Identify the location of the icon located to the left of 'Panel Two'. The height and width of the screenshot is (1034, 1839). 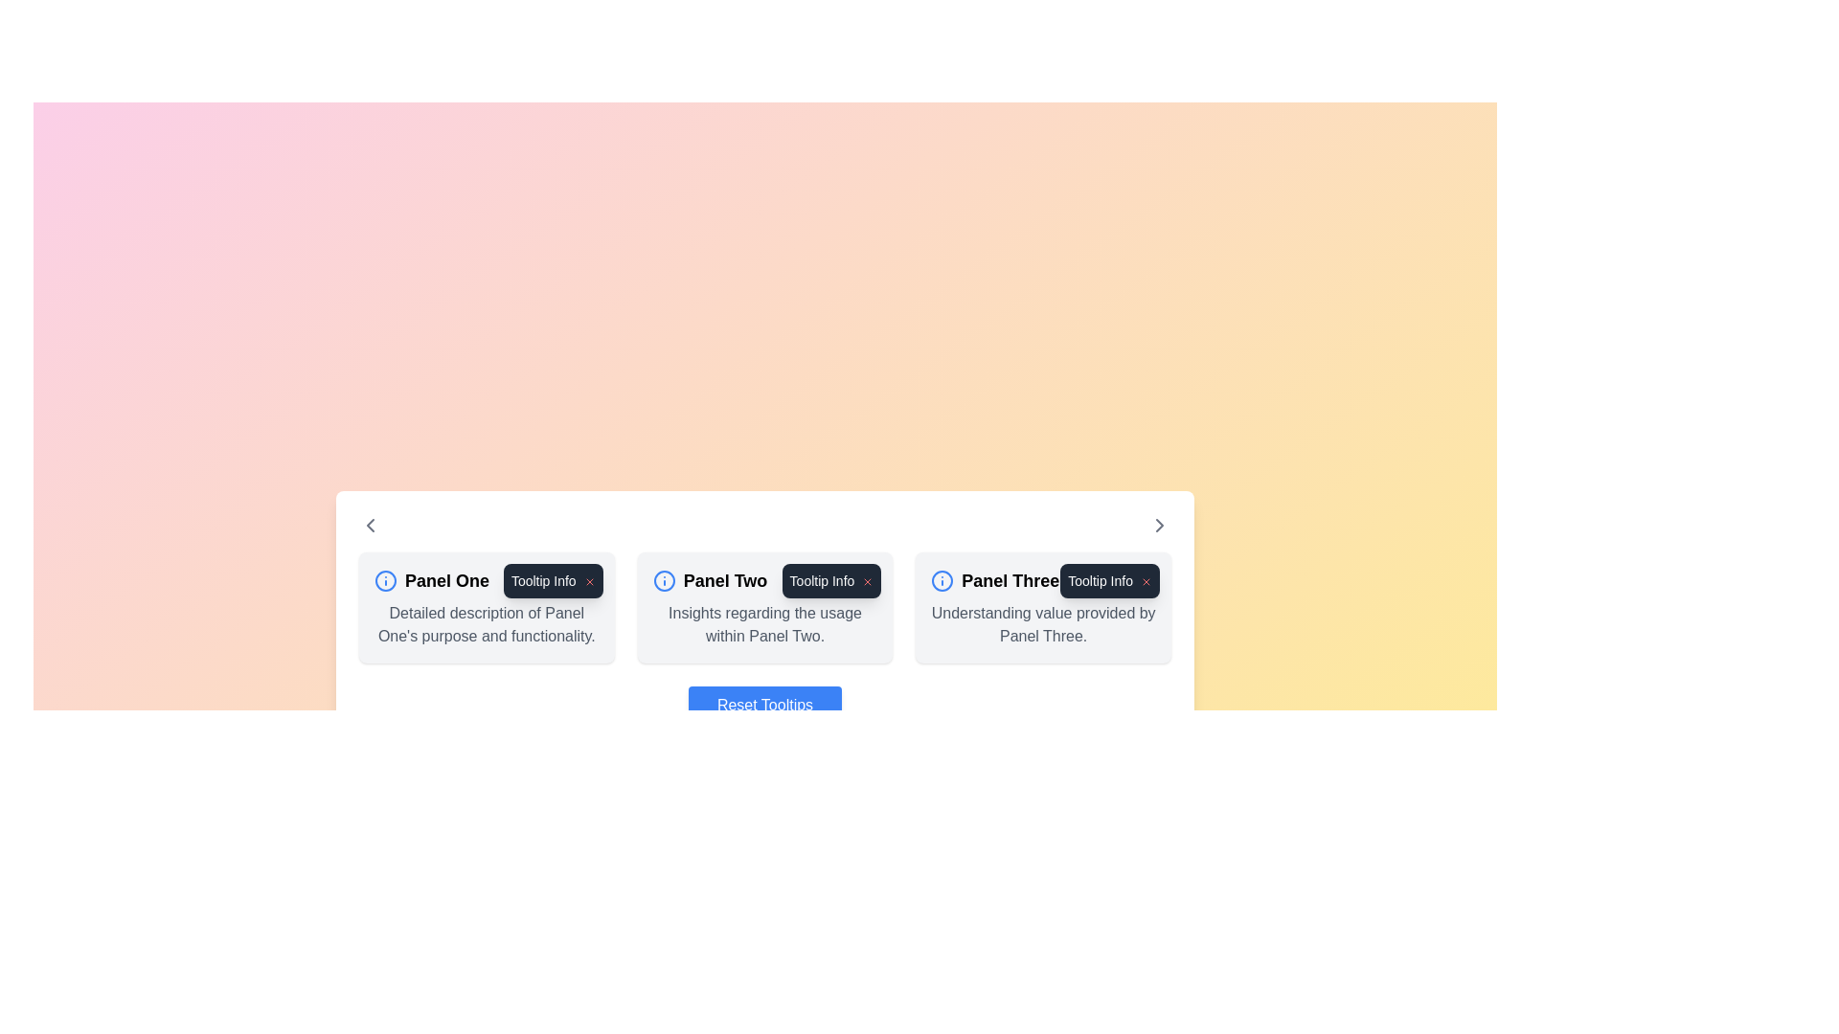
(664, 579).